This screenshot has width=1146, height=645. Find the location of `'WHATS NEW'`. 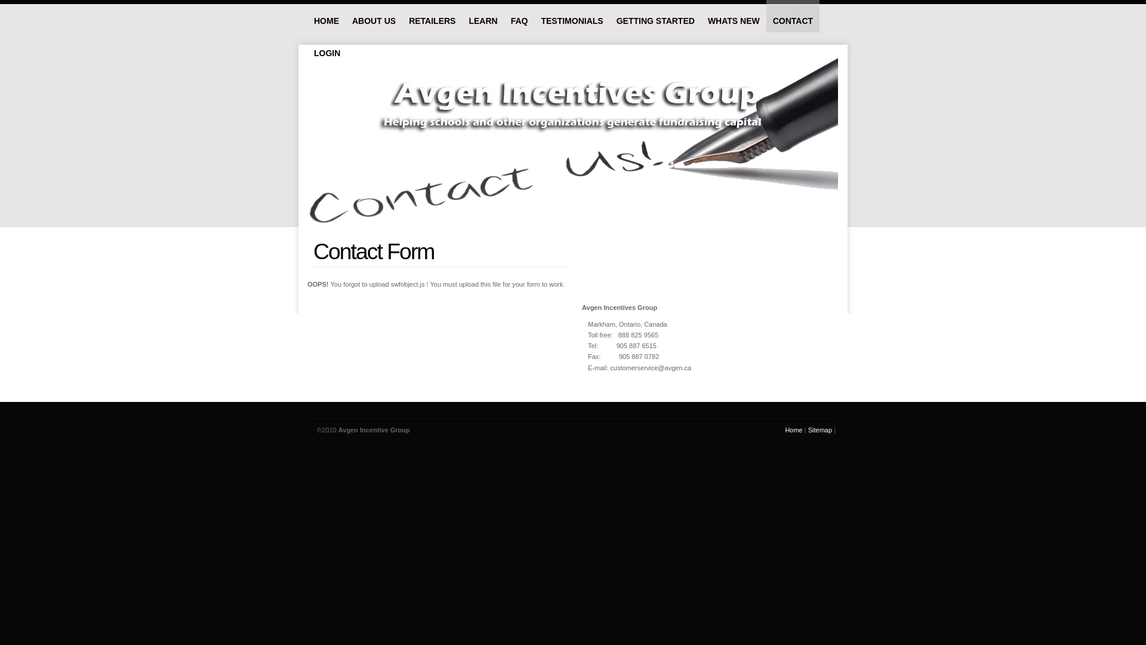

'WHATS NEW' is located at coordinates (733, 16).